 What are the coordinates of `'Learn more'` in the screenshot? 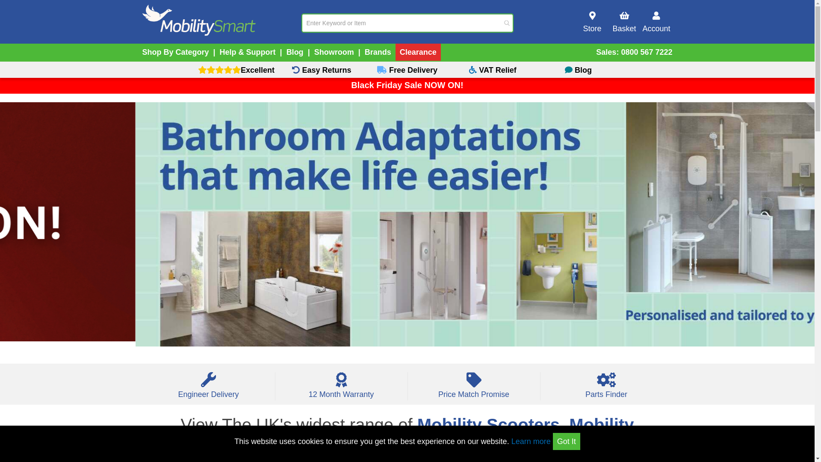 It's located at (531, 441).